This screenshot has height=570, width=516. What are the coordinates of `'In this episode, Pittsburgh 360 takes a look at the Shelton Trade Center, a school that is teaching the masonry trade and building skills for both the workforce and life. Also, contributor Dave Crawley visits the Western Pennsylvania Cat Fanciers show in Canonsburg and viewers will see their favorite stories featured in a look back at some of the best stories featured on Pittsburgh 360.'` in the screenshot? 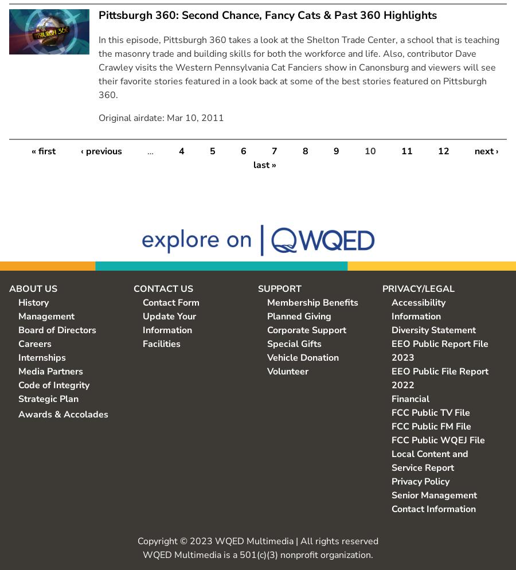 It's located at (298, 67).